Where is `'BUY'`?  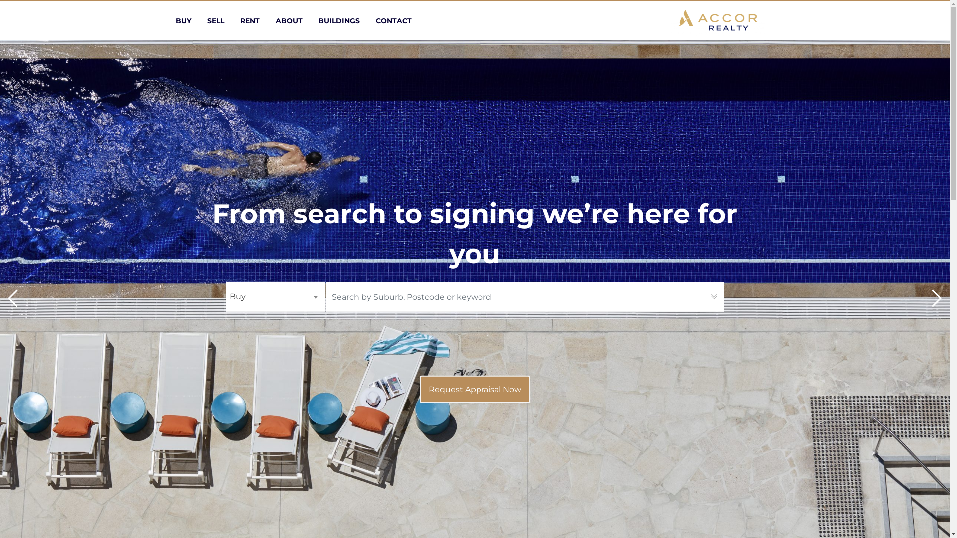 'BUY' is located at coordinates (183, 21).